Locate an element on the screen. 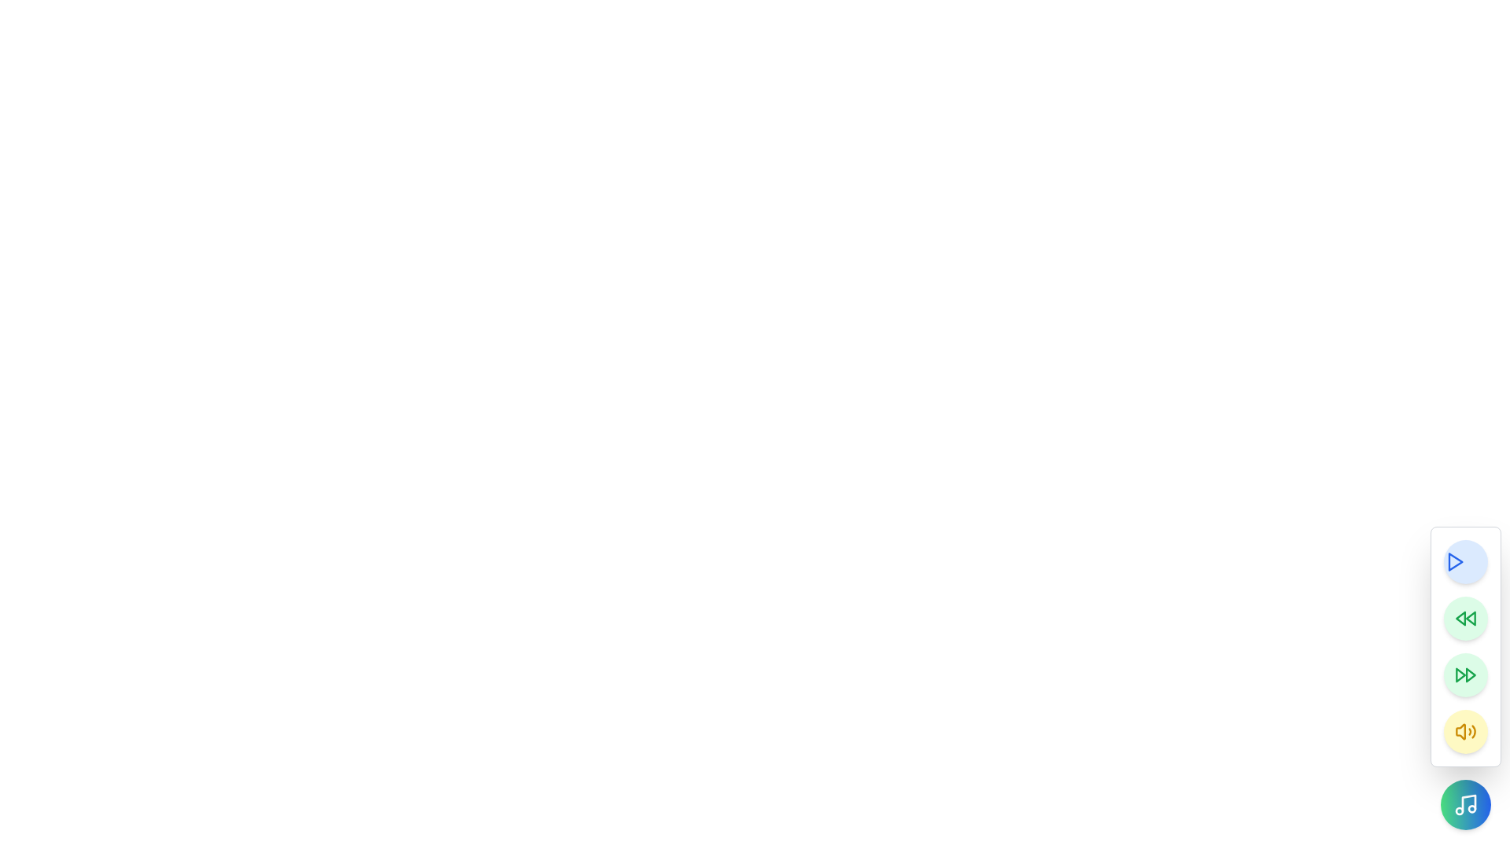 This screenshot has height=849, width=1510. the circular yellow button with a speaker icon at the bottom-right corner of the interface to adjust the volume is located at coordinates (1464, 731).